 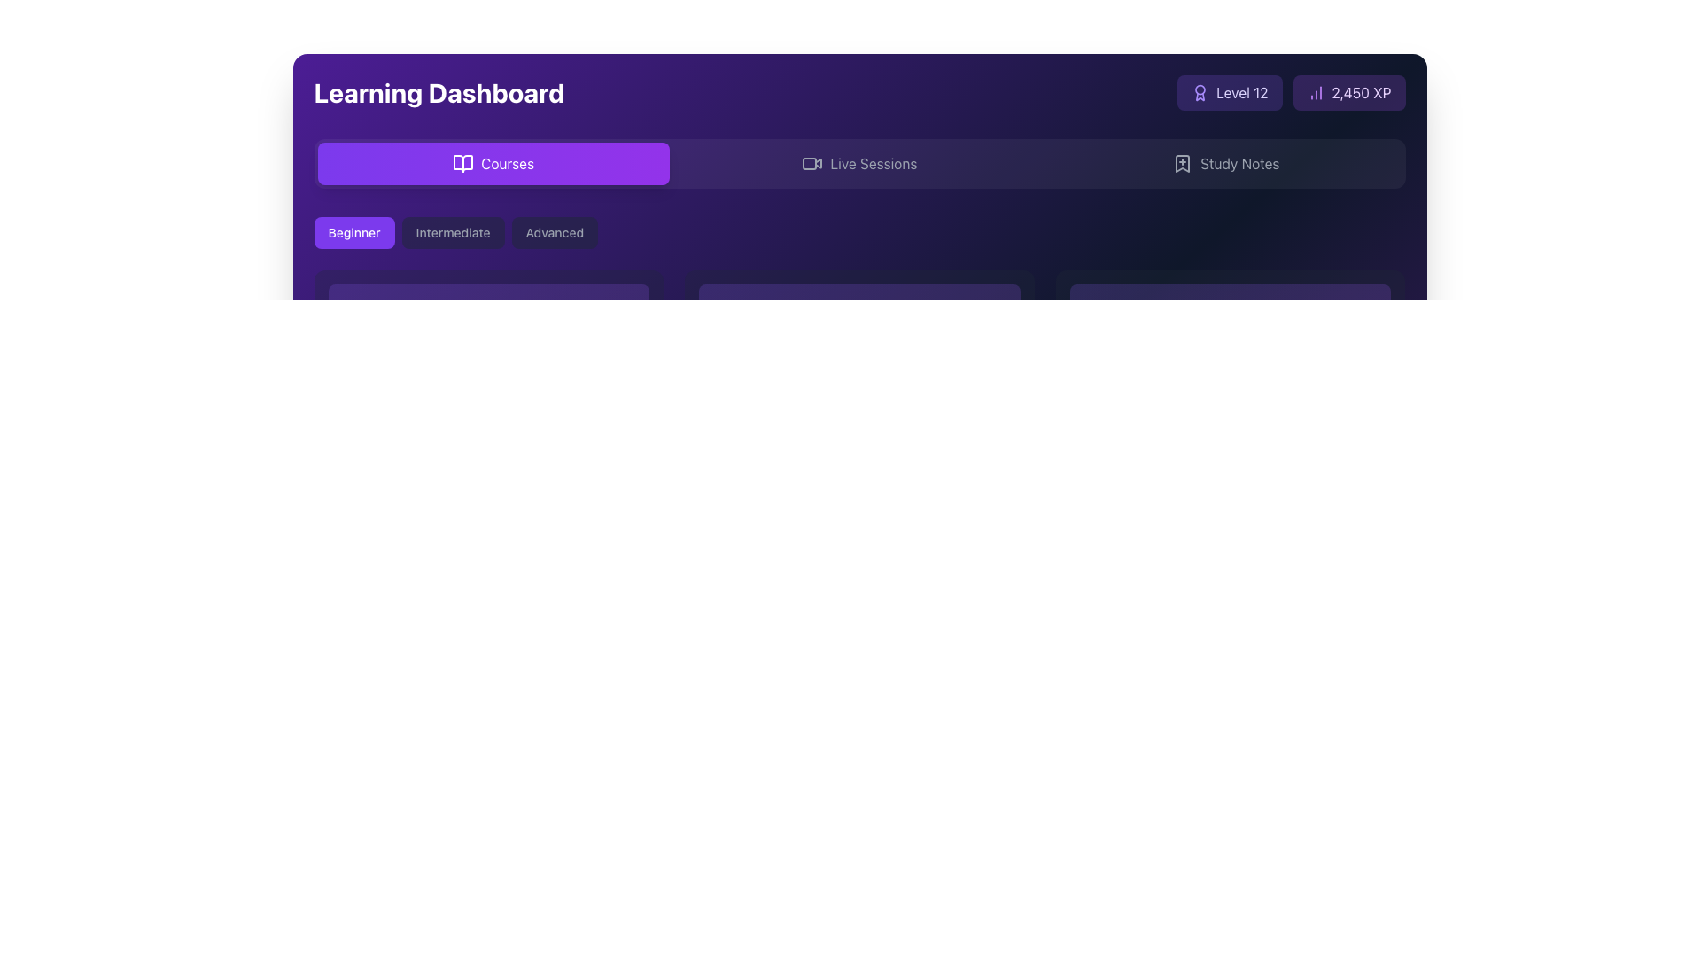 What do you see at coordinates (812, 164) in the screenshot?
I see `the 'Live Sessions' icon in the navigation bar, which symbolizes the live video content feature` at bounding box center [812, 164].